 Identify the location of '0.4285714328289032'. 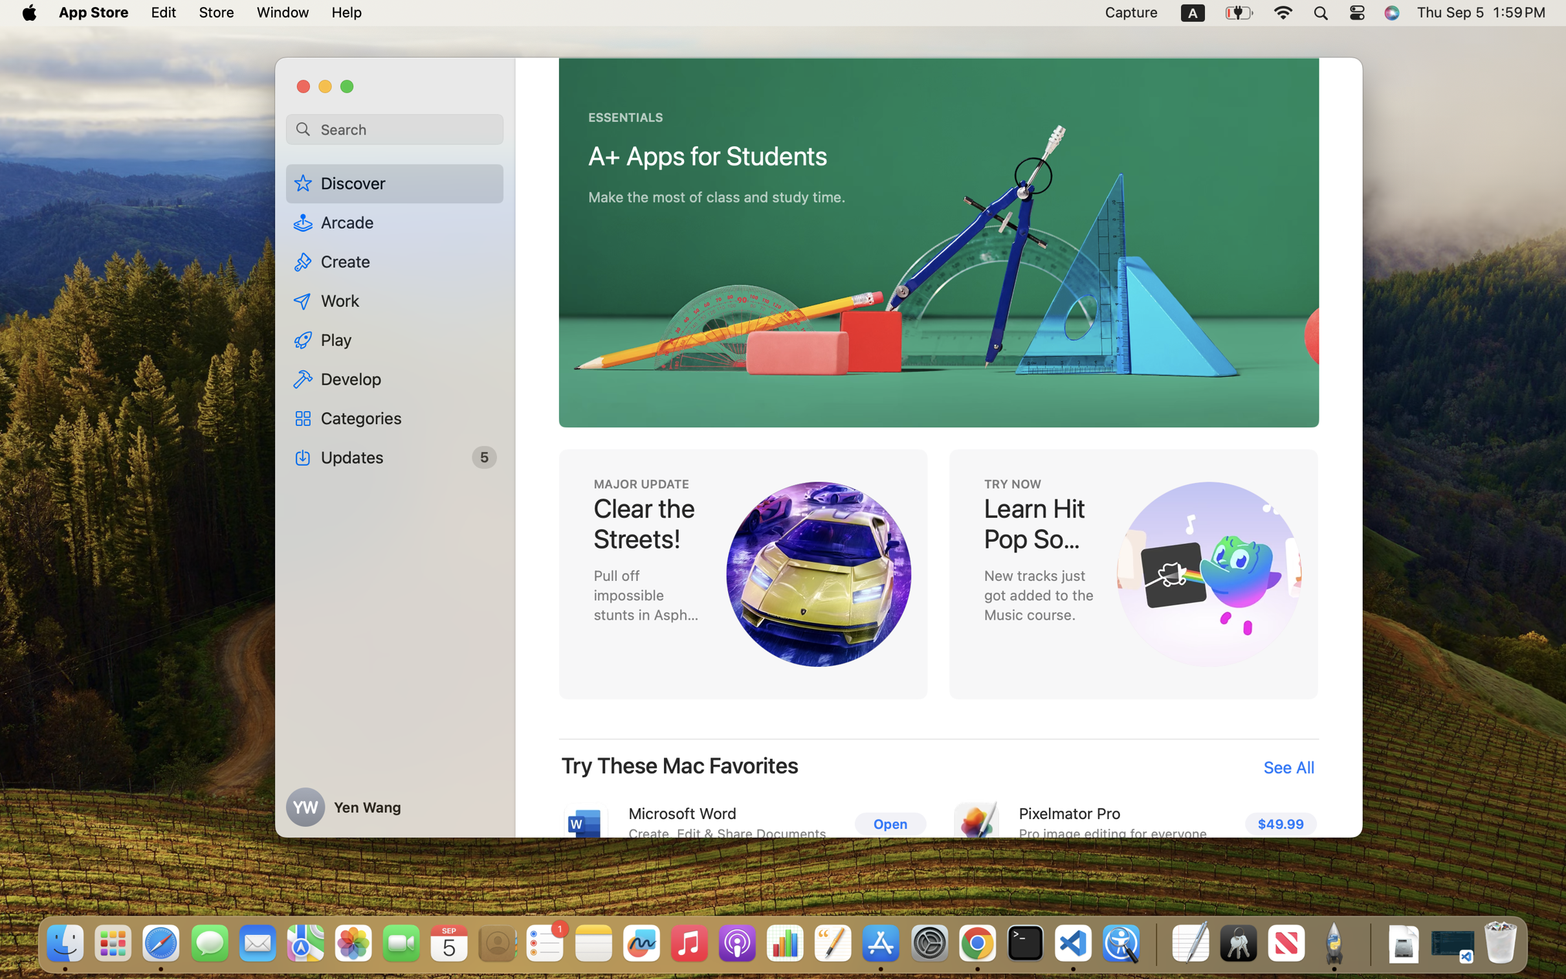
(1155, 943).